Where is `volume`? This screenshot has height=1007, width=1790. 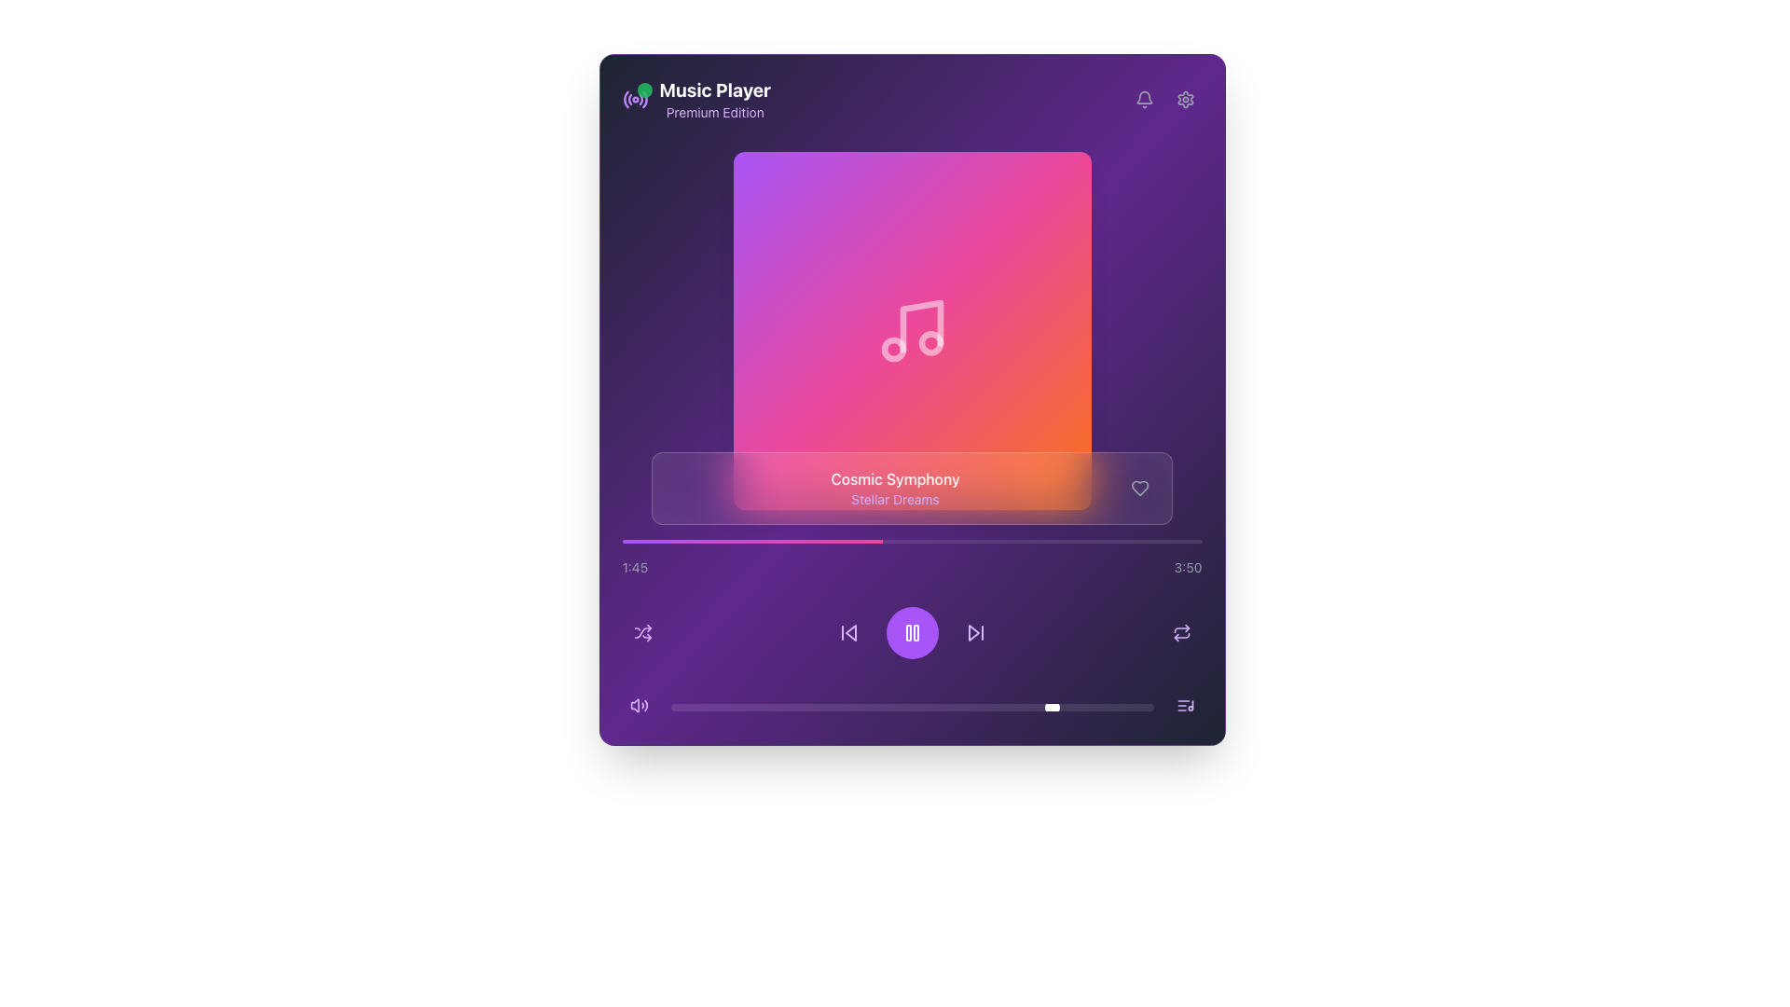 volume is located at coordinates (998, 708).